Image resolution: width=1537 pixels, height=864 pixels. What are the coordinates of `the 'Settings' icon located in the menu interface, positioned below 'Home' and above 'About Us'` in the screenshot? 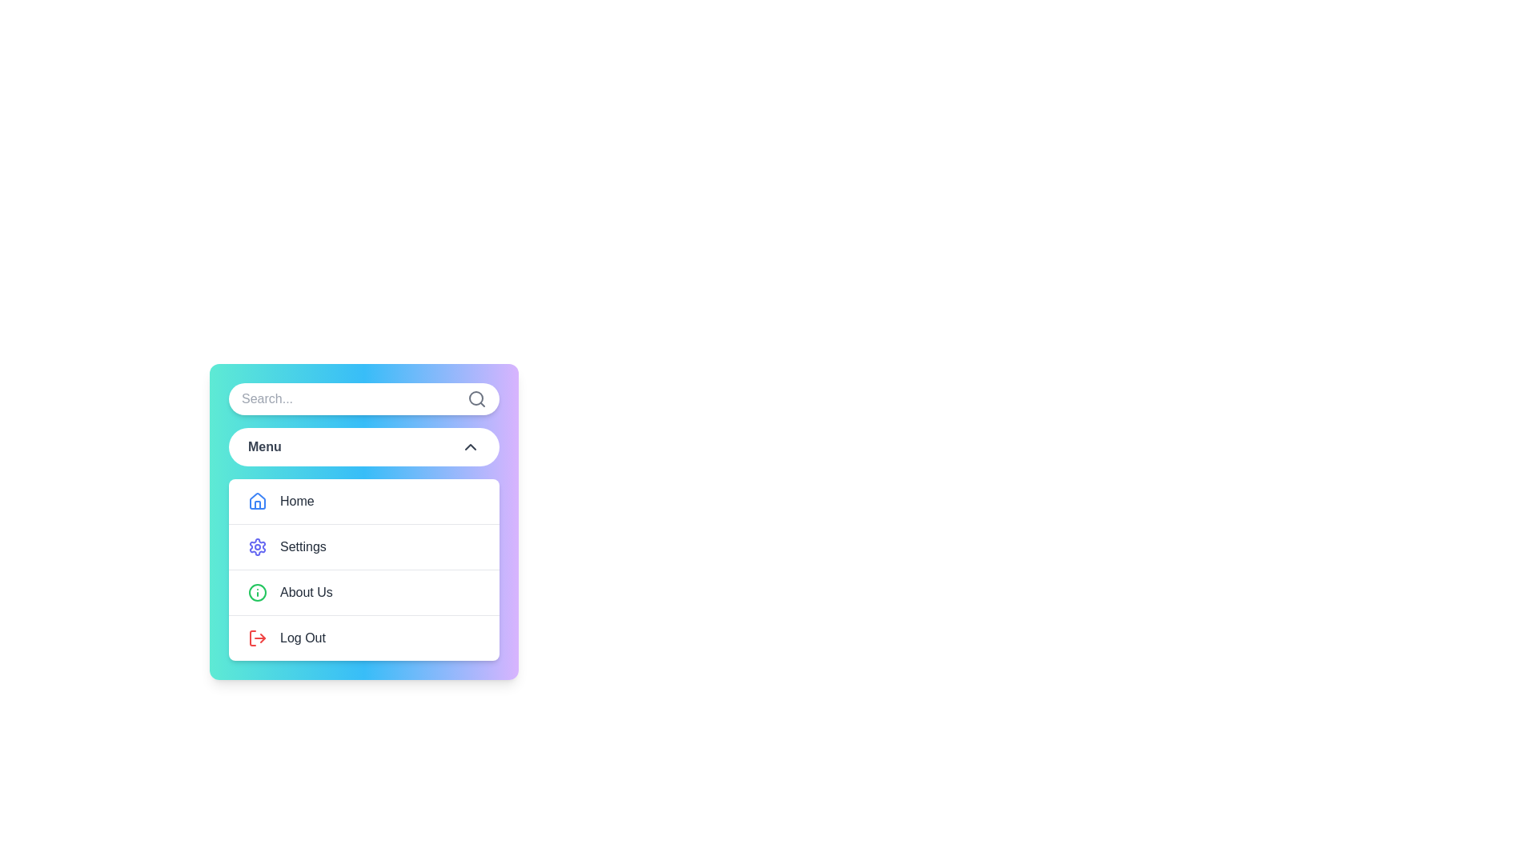 It's located at (257, 546).